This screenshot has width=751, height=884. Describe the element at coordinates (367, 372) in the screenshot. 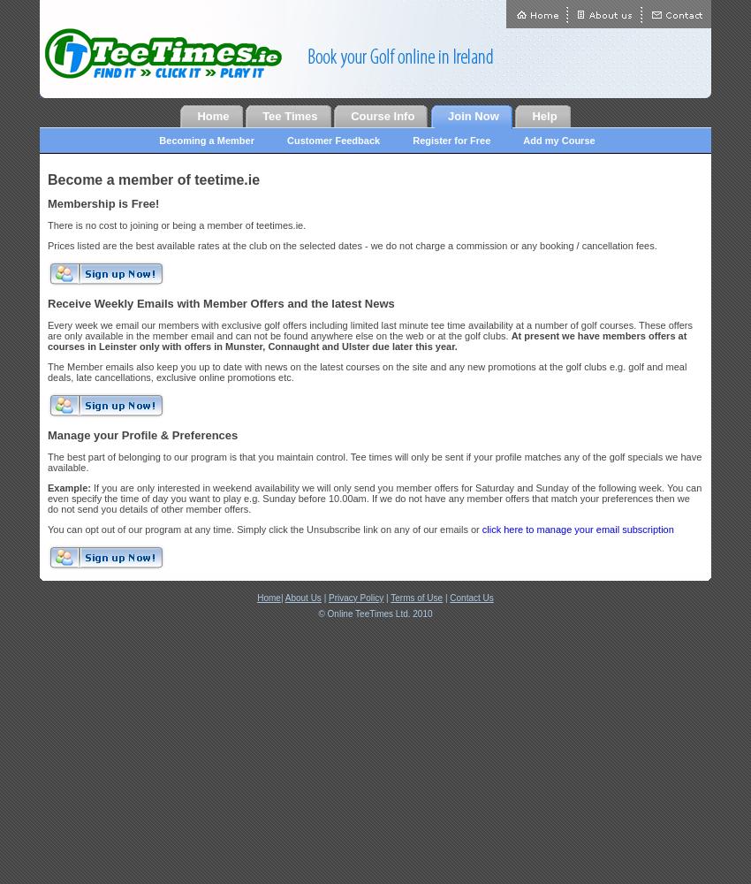

I see `'The Member emails also keep you up to date with news on the latest courses on the site and any new promotions at the golf clubs e.g. golf and meal deals, late cancellations, exclusive online promotions etc.'` at that location.